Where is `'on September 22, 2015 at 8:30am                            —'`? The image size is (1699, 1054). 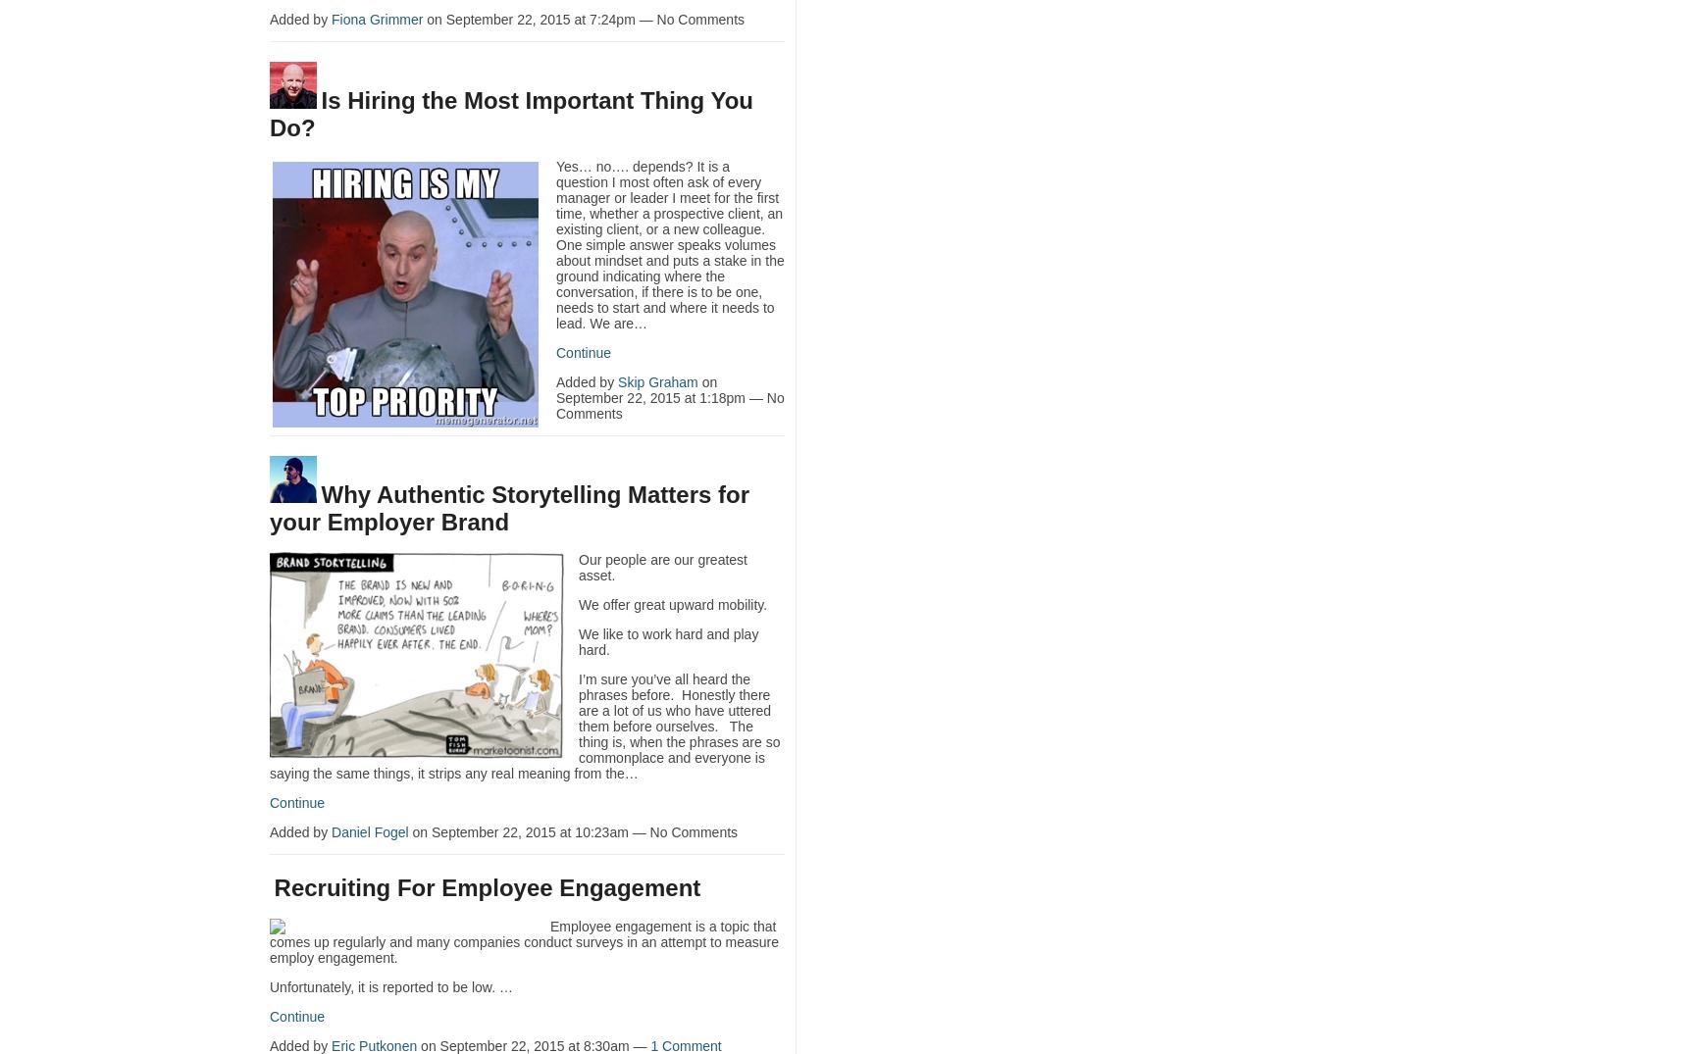
'on September 22, 2015 at 8:30am                            —' is located at coordinates (534, 1044).